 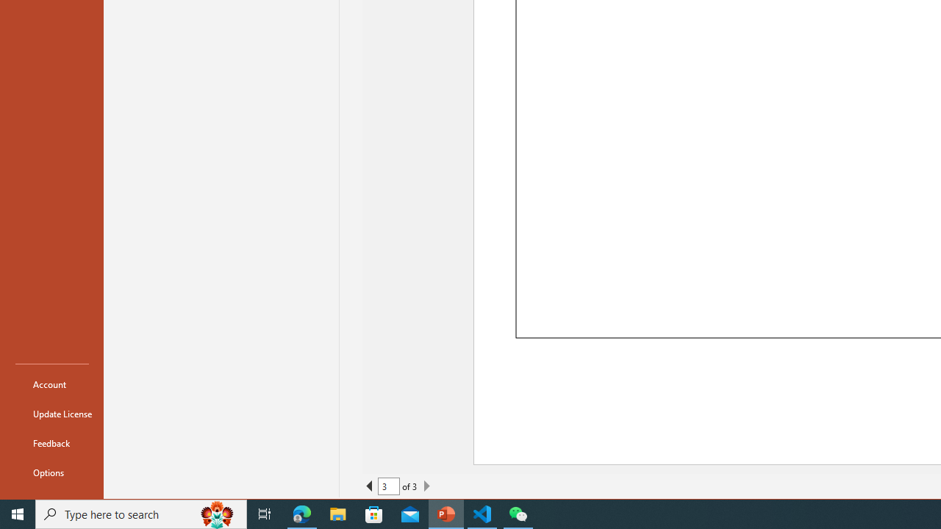 What do you see at coordinates (52, 472) in the screenshot?
I see `'Options'` at bounding box center [52, 472].